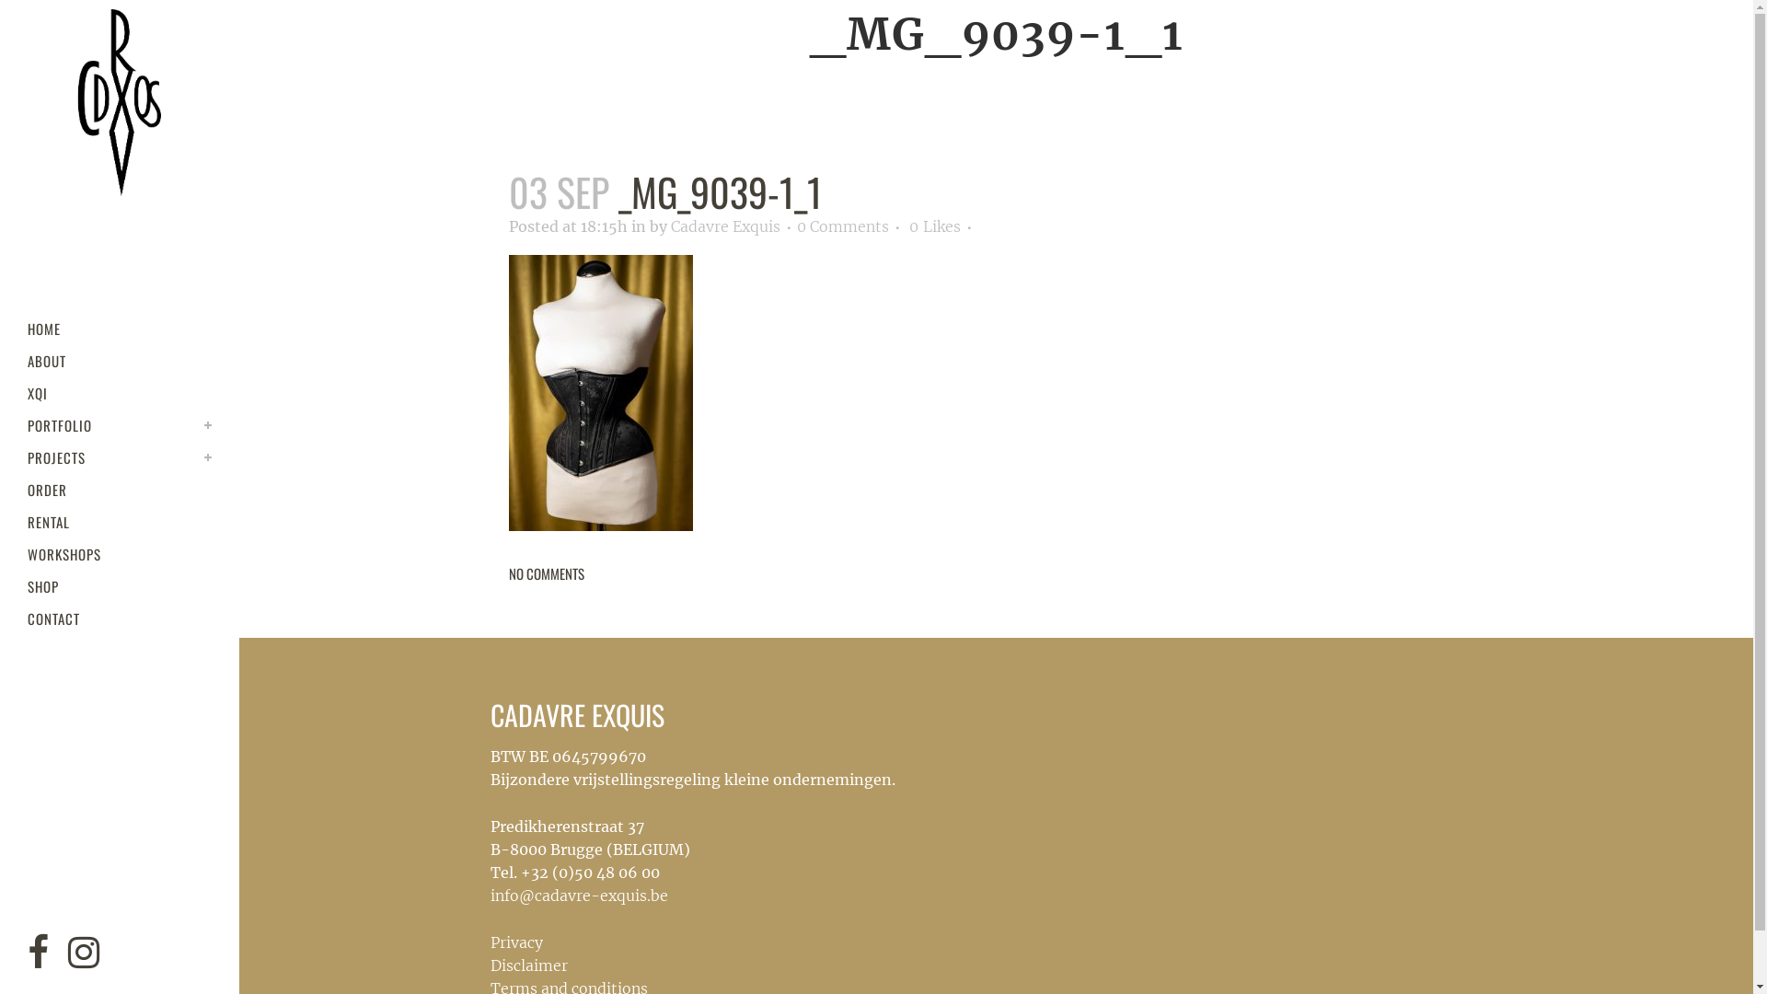 The image size is (1767, 994). Describe the element at coordinates (118, 618) in the screenshot. I see `'CONTACT'` at that location.